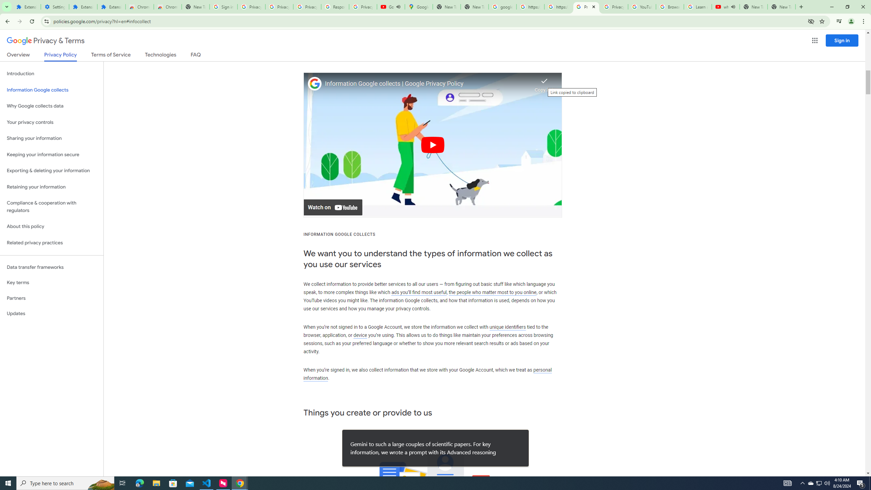 The image size is (871, 490). I want to click on 'Extensions', so click(111, 6).